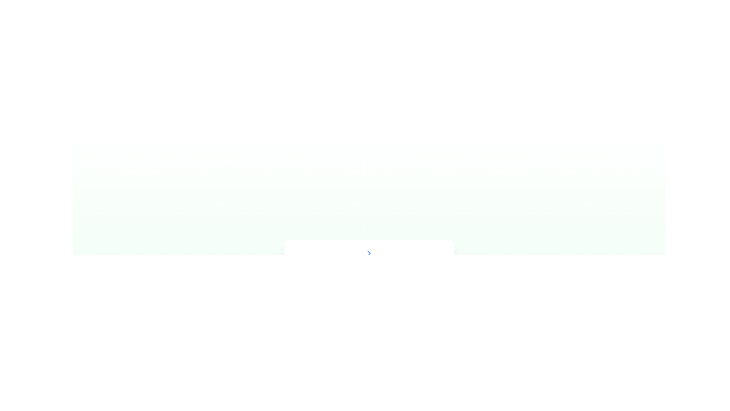 This screenshot has height=411, width=730. What do you see at coordinates (403, 308) in the screenshot?
I see `the slider value` at bounding box center [403, 308].